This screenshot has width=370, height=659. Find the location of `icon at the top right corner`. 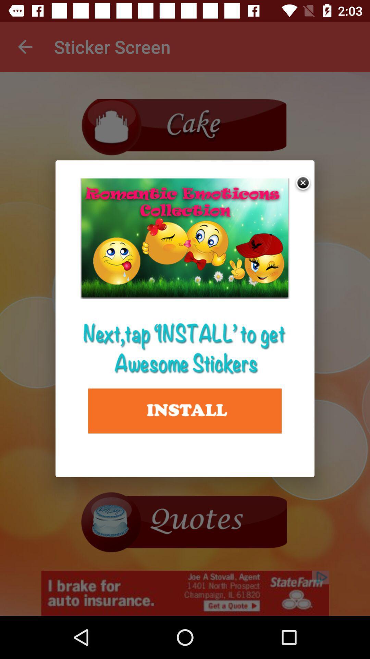

icon at the top right corner is located at coordinates (303, 184).